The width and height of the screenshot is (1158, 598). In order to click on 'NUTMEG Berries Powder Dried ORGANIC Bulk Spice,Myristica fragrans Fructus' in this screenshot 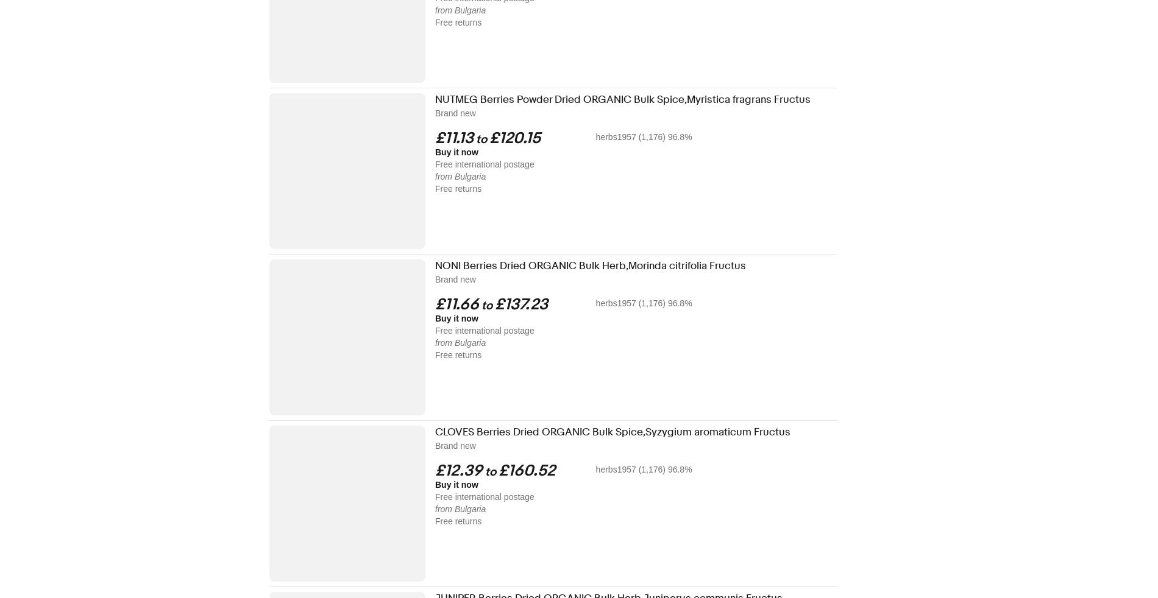, I will do `click(623, 99)`.